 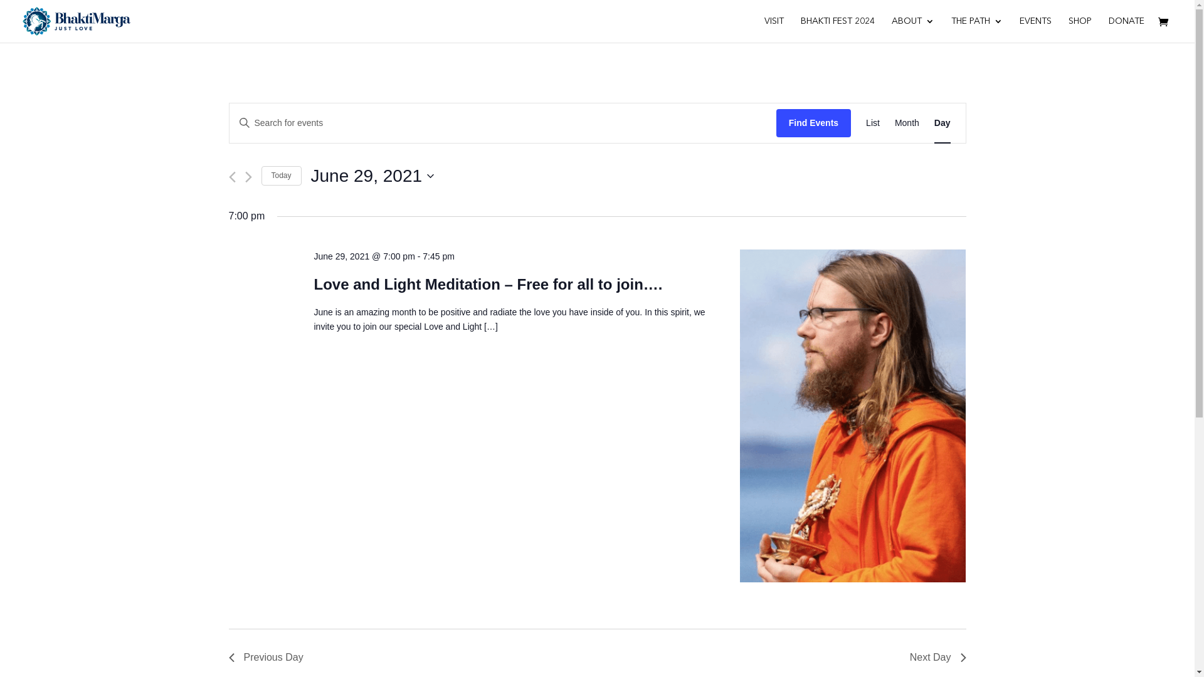 I want to click on 'EVENTS', so click(x=1035, y=29).